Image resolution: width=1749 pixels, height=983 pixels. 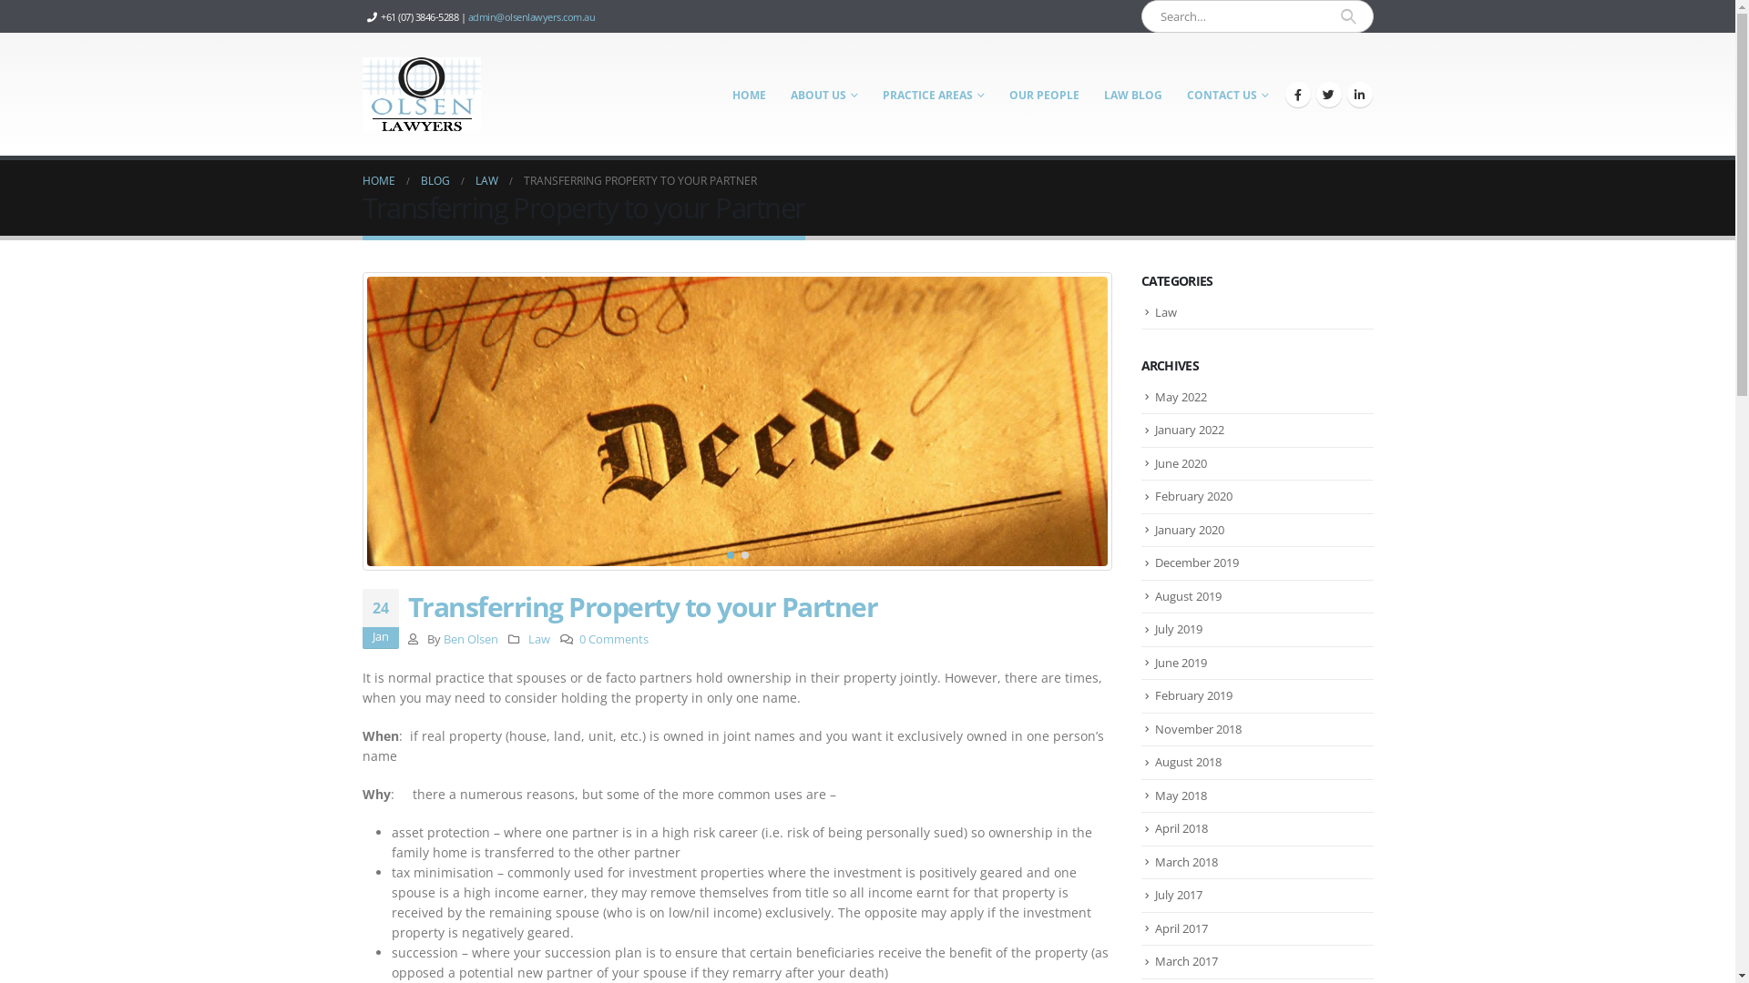 I want to click on 'December 2019', so click(x=1197, y=561).